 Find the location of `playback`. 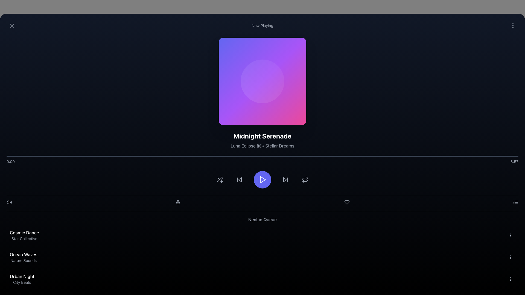

playback is located at coordinates (106, 156).